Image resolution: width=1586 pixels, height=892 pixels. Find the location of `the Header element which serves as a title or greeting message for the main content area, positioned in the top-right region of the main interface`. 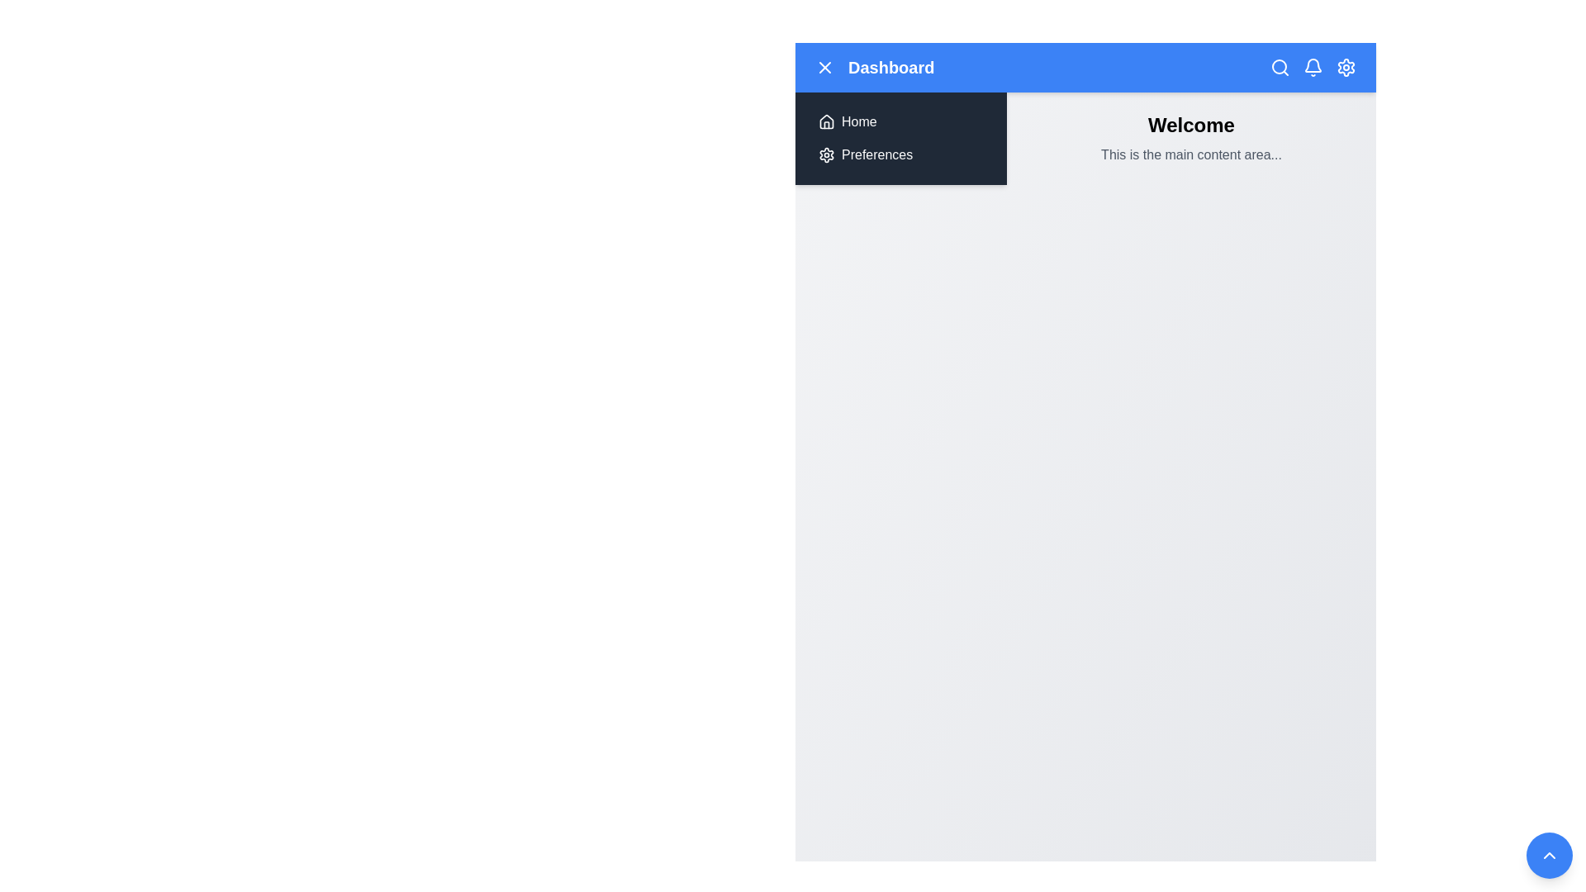

the Header element which serves as a title or greeting message for the main content area, positioned in the top-right region of the main interface is located at coordinates (1191, 124).